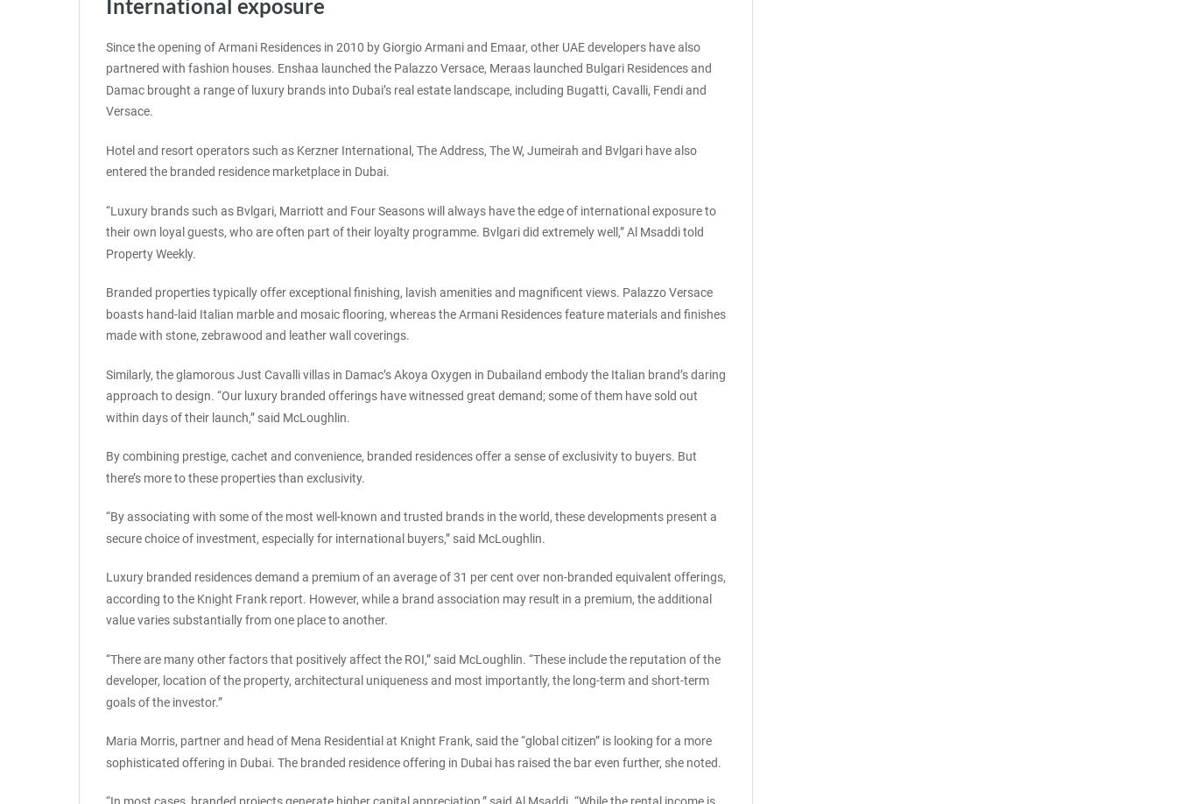 Image resolution: width=1182 pixels, height=804 pixels. What do you see at coordinates (105, 466) in the screenshot?
I see `'By combining prestige, cachet and convenience, branded residences offer a sense of exclusivity to buyers. But there’s more to these properties than exclusivity.'` at bounding box center [105, 466].